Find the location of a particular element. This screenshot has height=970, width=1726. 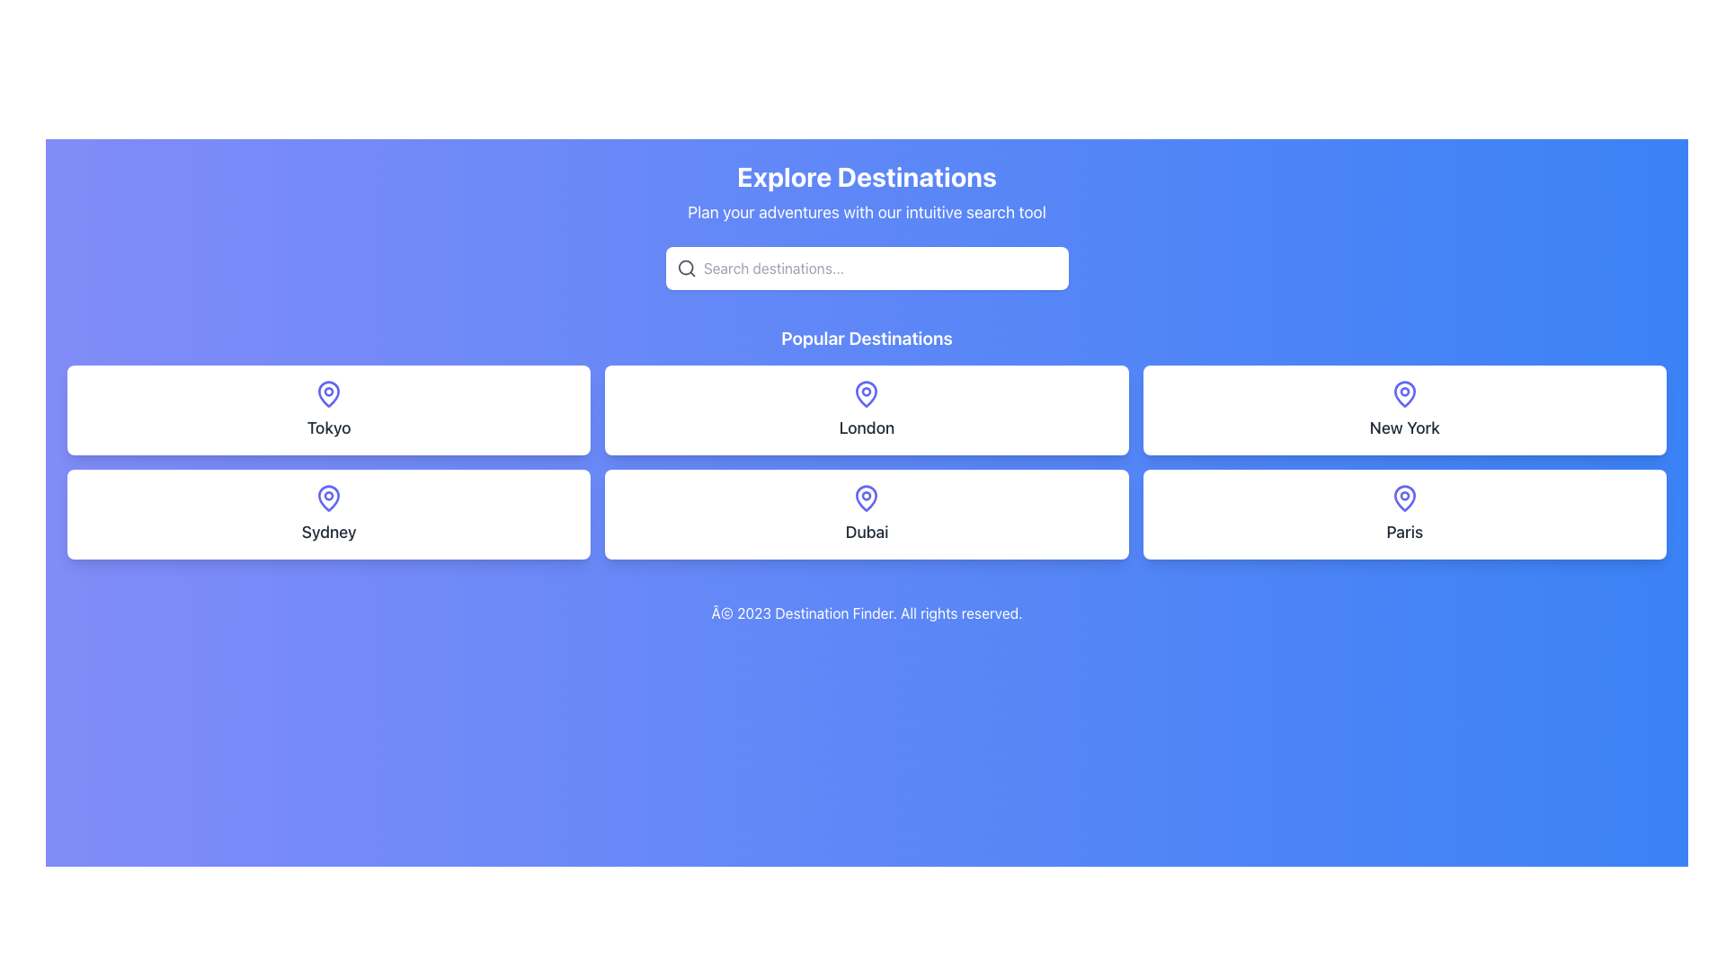

the indigo map pin-like icon located above the text 'Sydney' in the Popular Destinations card component is located at coordinates (329, 498).